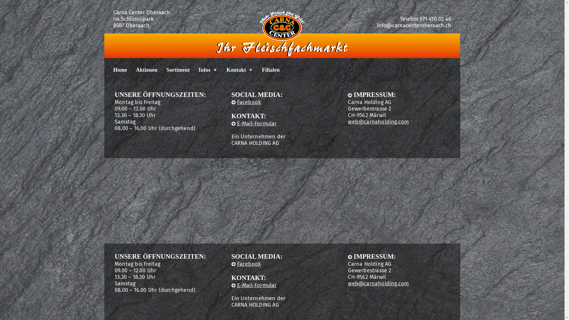  Describe the element at coordinates (173, 69) in the screenshot. I see `'Sortiment'` at that location.